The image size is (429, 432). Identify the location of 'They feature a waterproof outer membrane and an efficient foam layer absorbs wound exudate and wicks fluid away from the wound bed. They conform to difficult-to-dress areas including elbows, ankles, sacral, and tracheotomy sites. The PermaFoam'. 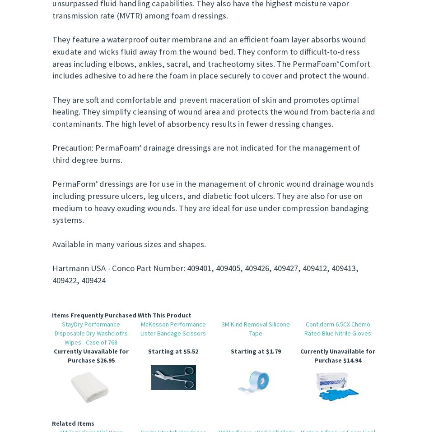
(209, 51).